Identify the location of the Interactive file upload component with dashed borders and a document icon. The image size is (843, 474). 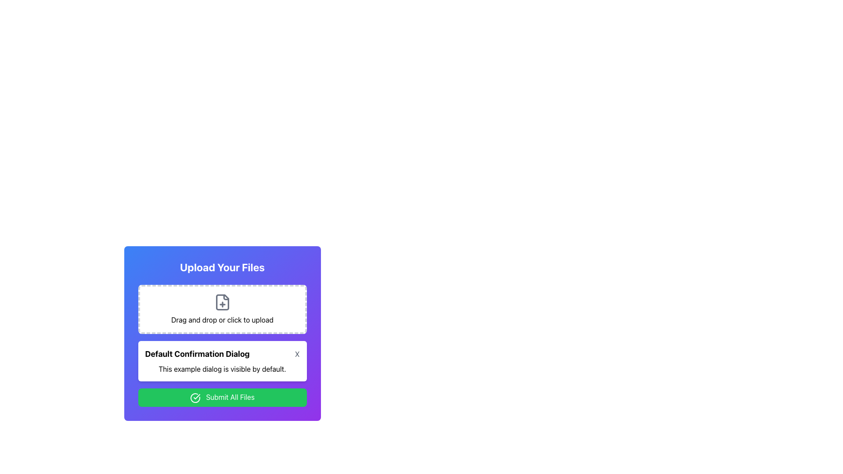
(222, 309).